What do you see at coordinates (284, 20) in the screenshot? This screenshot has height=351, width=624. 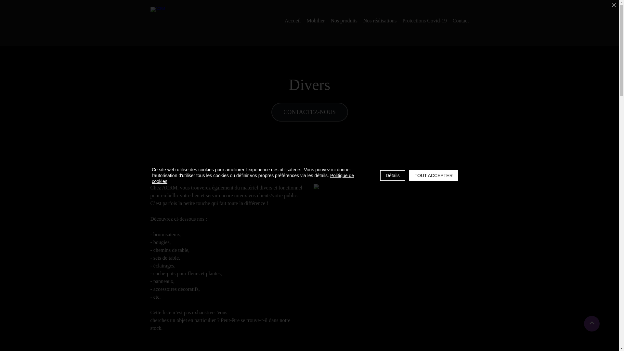 I see `'Accueil'` at bounding box center [284, 20].